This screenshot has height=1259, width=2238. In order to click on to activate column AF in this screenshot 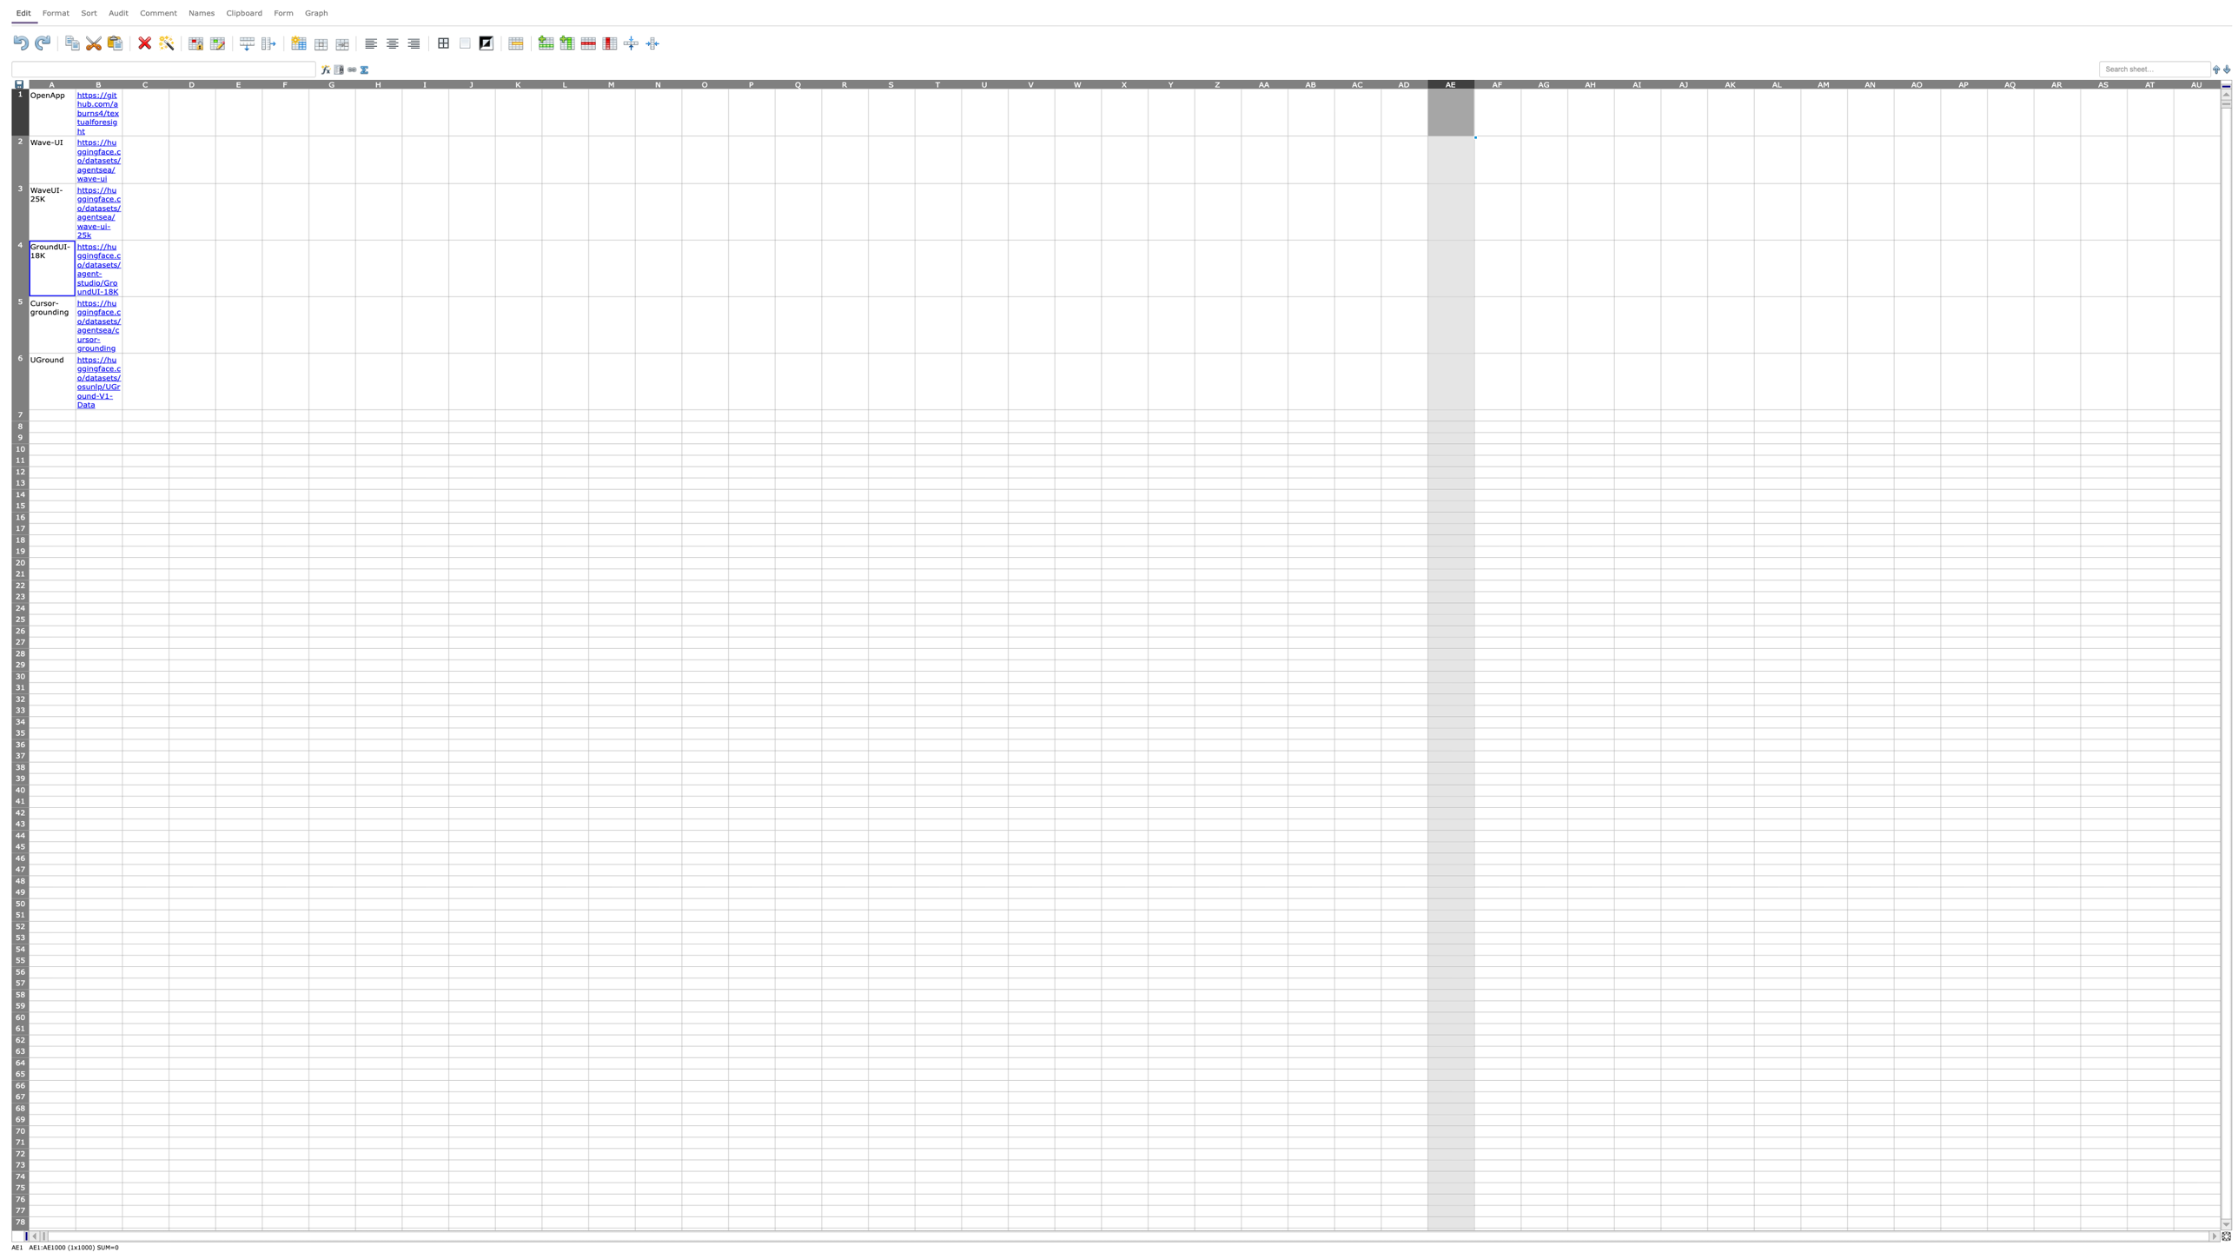, I will do `click(1498, 83)`.